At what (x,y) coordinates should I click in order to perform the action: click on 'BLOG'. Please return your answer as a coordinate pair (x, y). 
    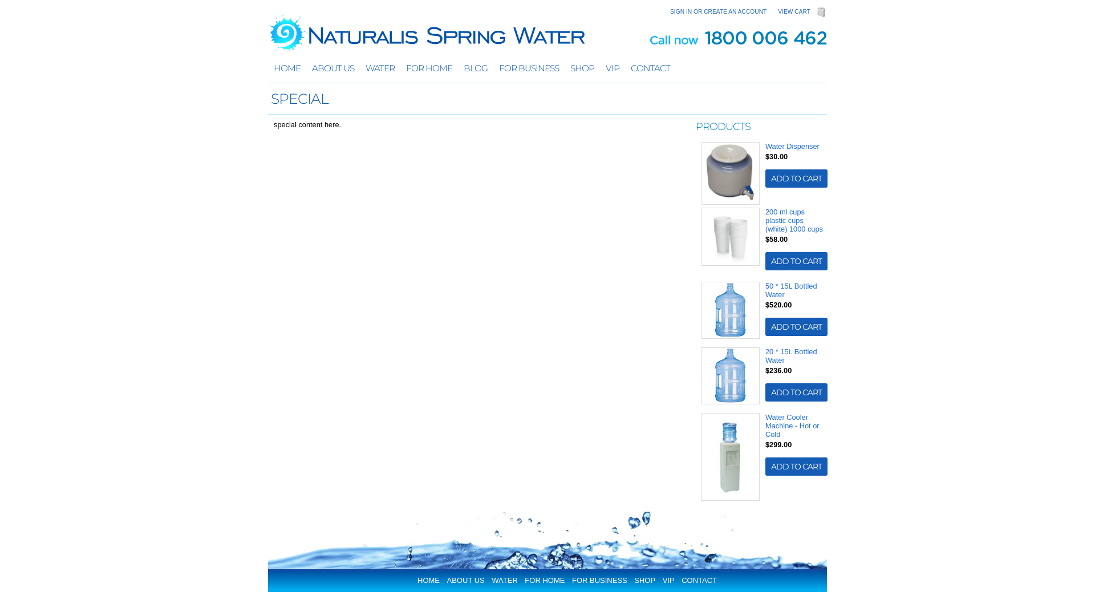
    Looking at the image, I should click on (476, 68).